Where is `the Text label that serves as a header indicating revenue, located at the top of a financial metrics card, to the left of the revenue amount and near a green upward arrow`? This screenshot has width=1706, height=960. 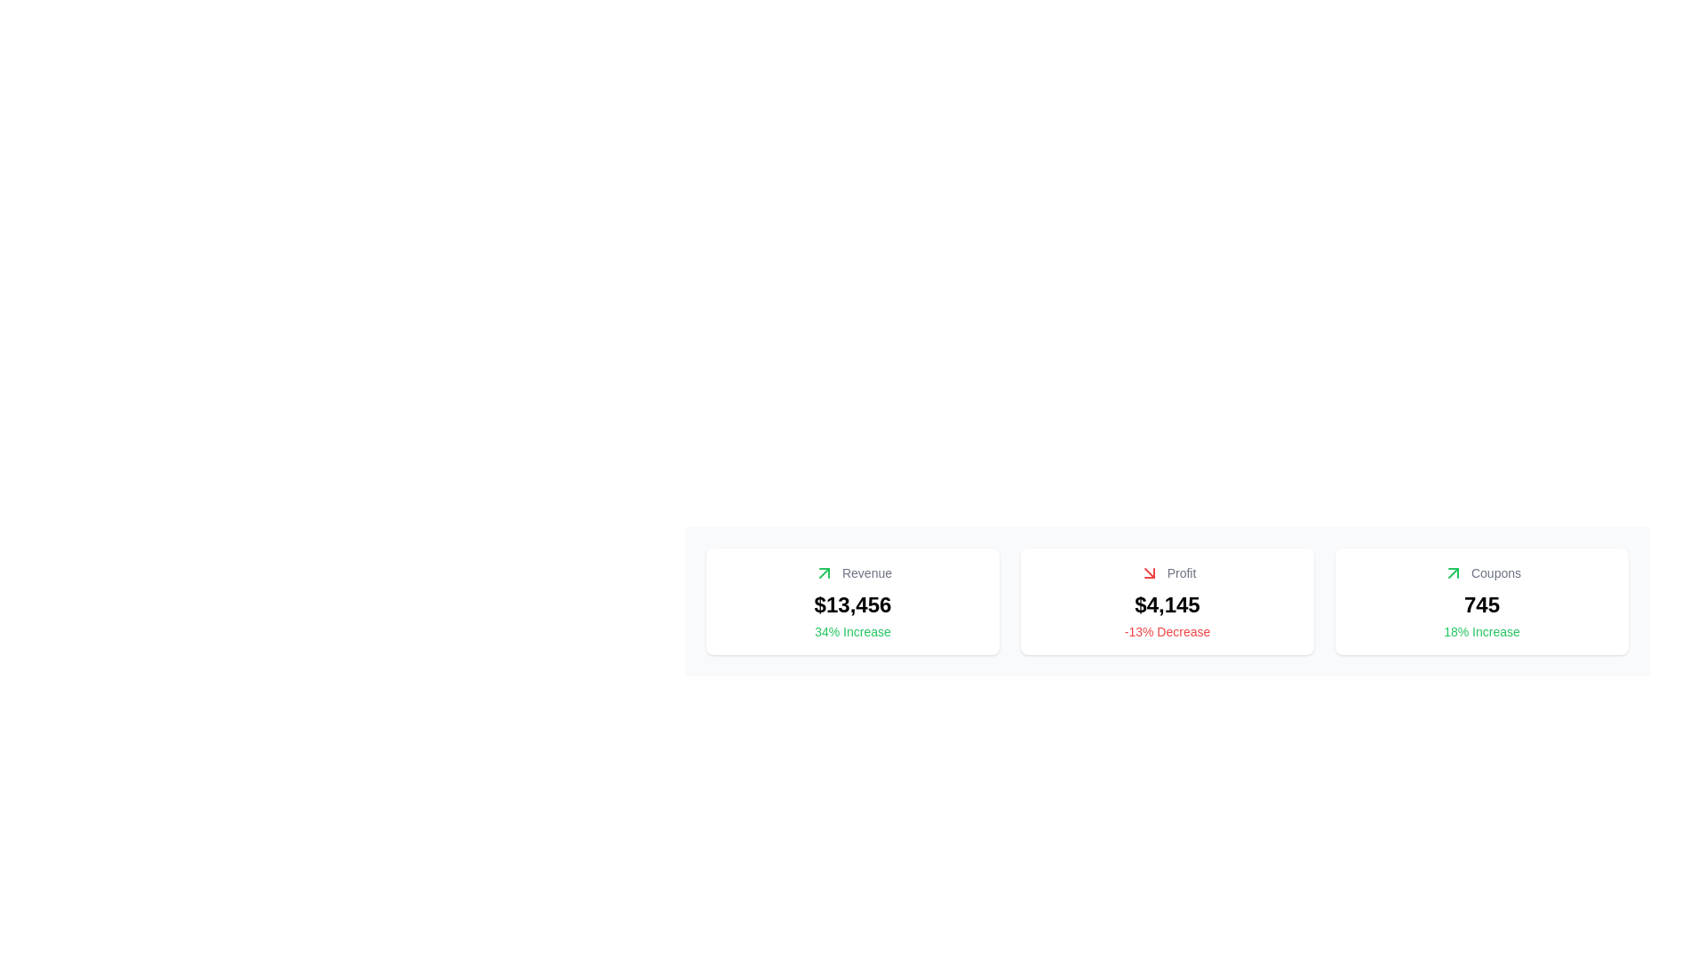
the Text label that serves as a header indicating revenue, located at the top of a financial metrics card, to the left of the revenue amount and near a green upward arrow is located at coordinates (853, 572).